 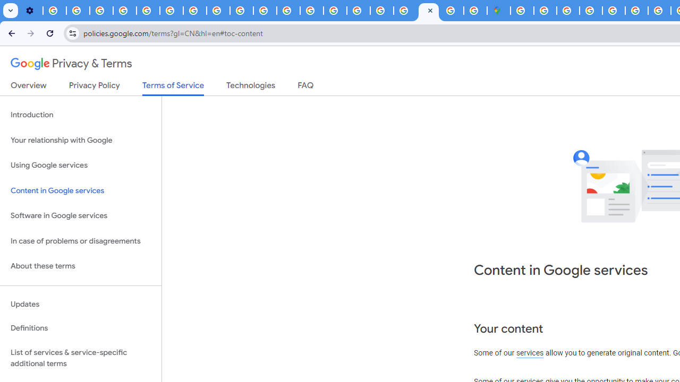 What do you see at coordinates (78, 11) in the screenshot?
I see `'Learn how to find your photos - Google Photos Help'` at bounding box center [78, 11].